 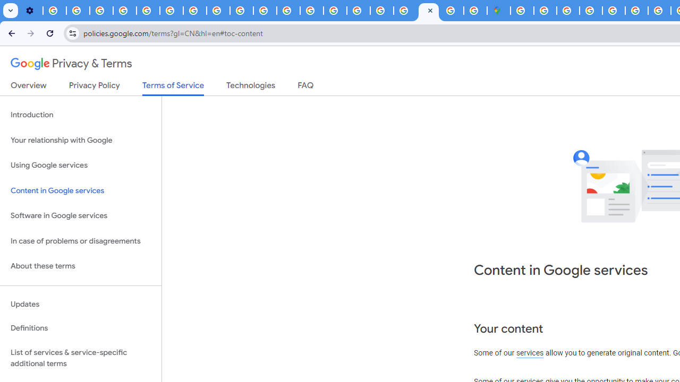 What do you see at coordinates (78, 11) in the screenshot?
I see `'Learn how to find your photos - Google Photos Help'` at bounding box center [78, 11].